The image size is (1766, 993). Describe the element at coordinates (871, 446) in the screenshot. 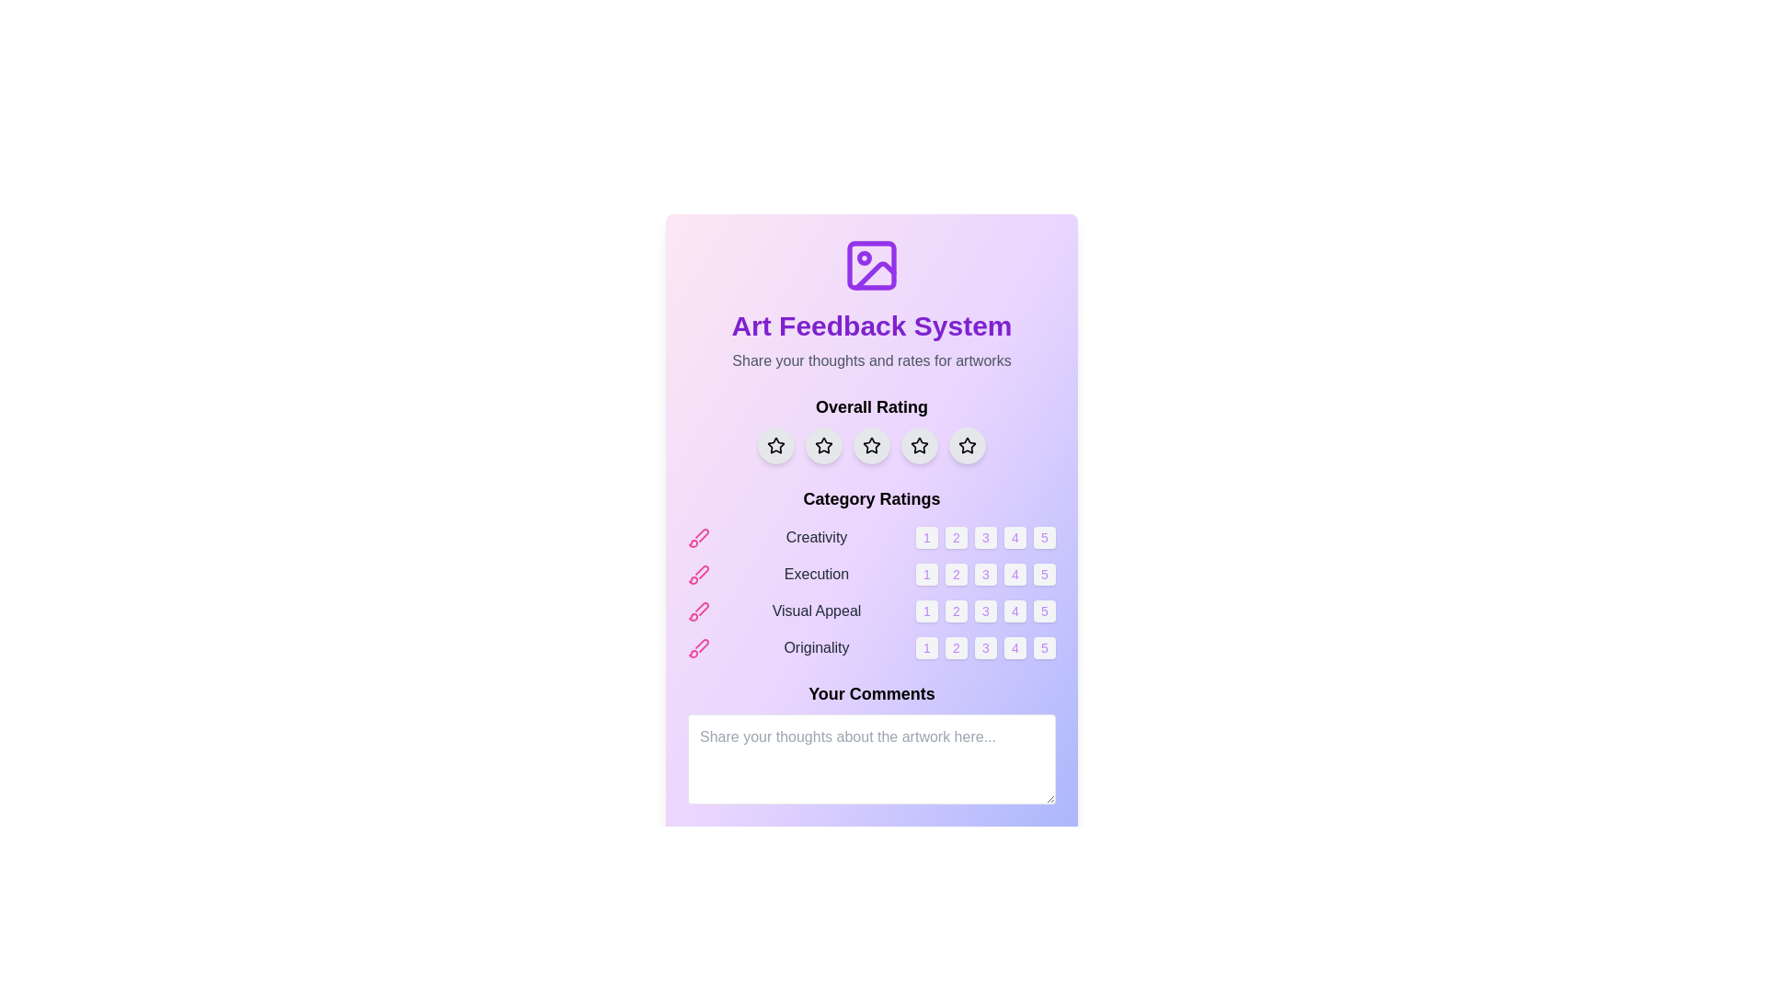

I see `the third star icon in the 'Overall Rating' section` at that location.